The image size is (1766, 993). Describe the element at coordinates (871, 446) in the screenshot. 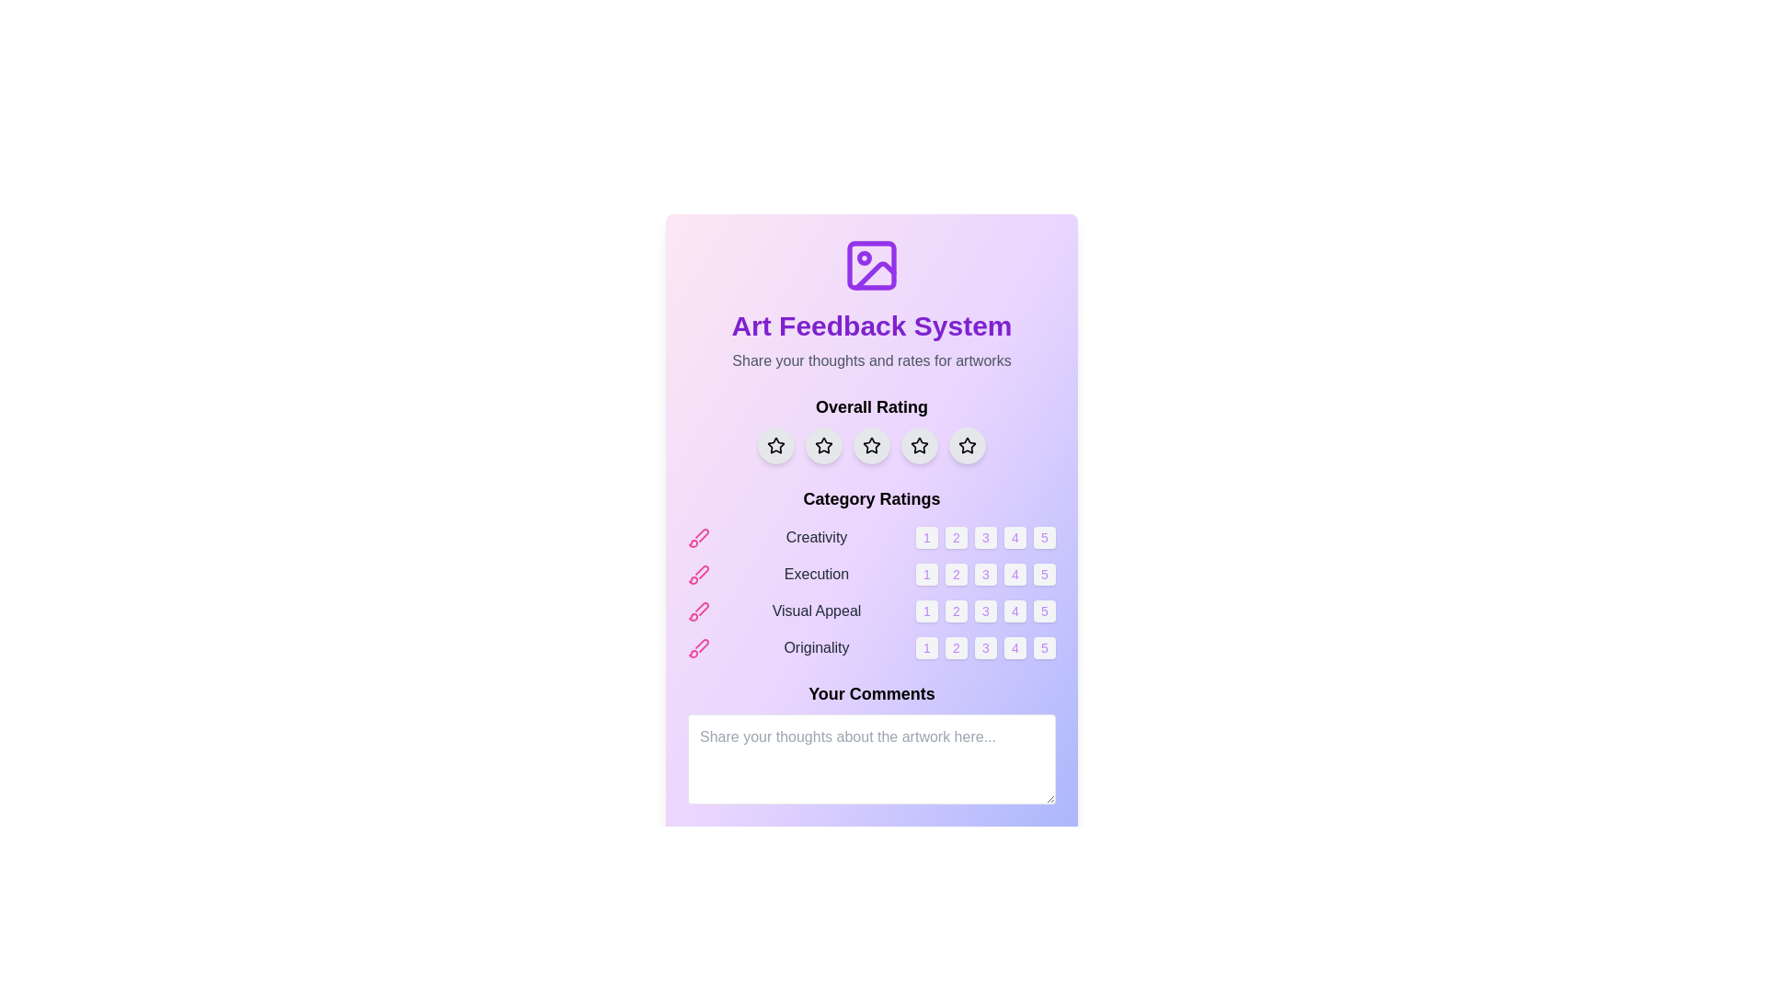

I see `the third star icon in the 'Overall Rating' section` at that location.